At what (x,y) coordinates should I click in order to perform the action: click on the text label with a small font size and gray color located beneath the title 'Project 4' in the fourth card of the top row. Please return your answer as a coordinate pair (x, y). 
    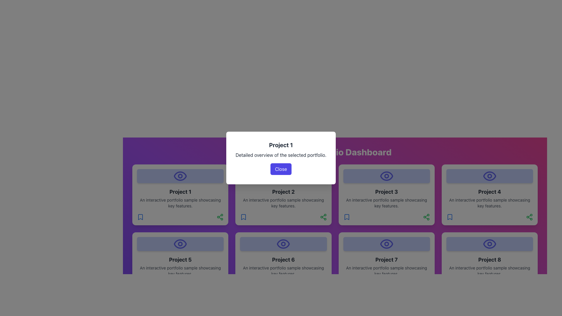
    Looking at the image, I should click on (489, 203).